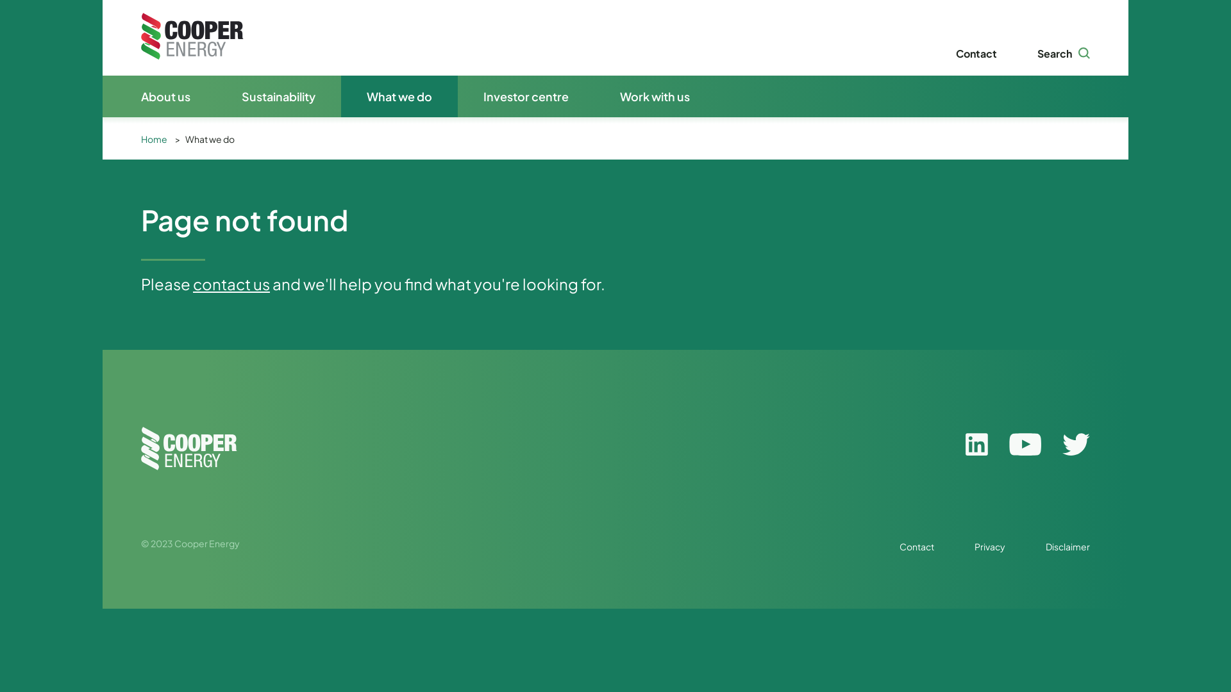 Image resolution: width=1231 pixels, height=692 pixels. What do you see at coordinates (157, 138) in the screenshot?
I see `'Home'` at bounding box center [157, 138].